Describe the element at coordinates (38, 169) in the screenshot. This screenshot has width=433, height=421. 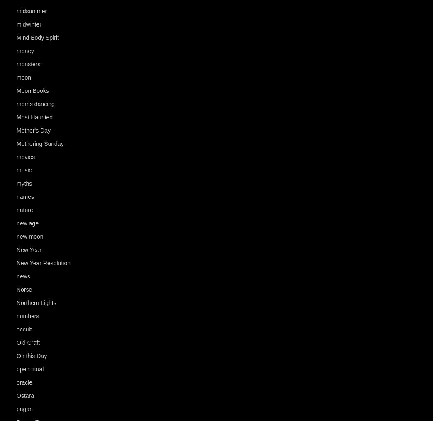
I see `'(93)'` at that location.